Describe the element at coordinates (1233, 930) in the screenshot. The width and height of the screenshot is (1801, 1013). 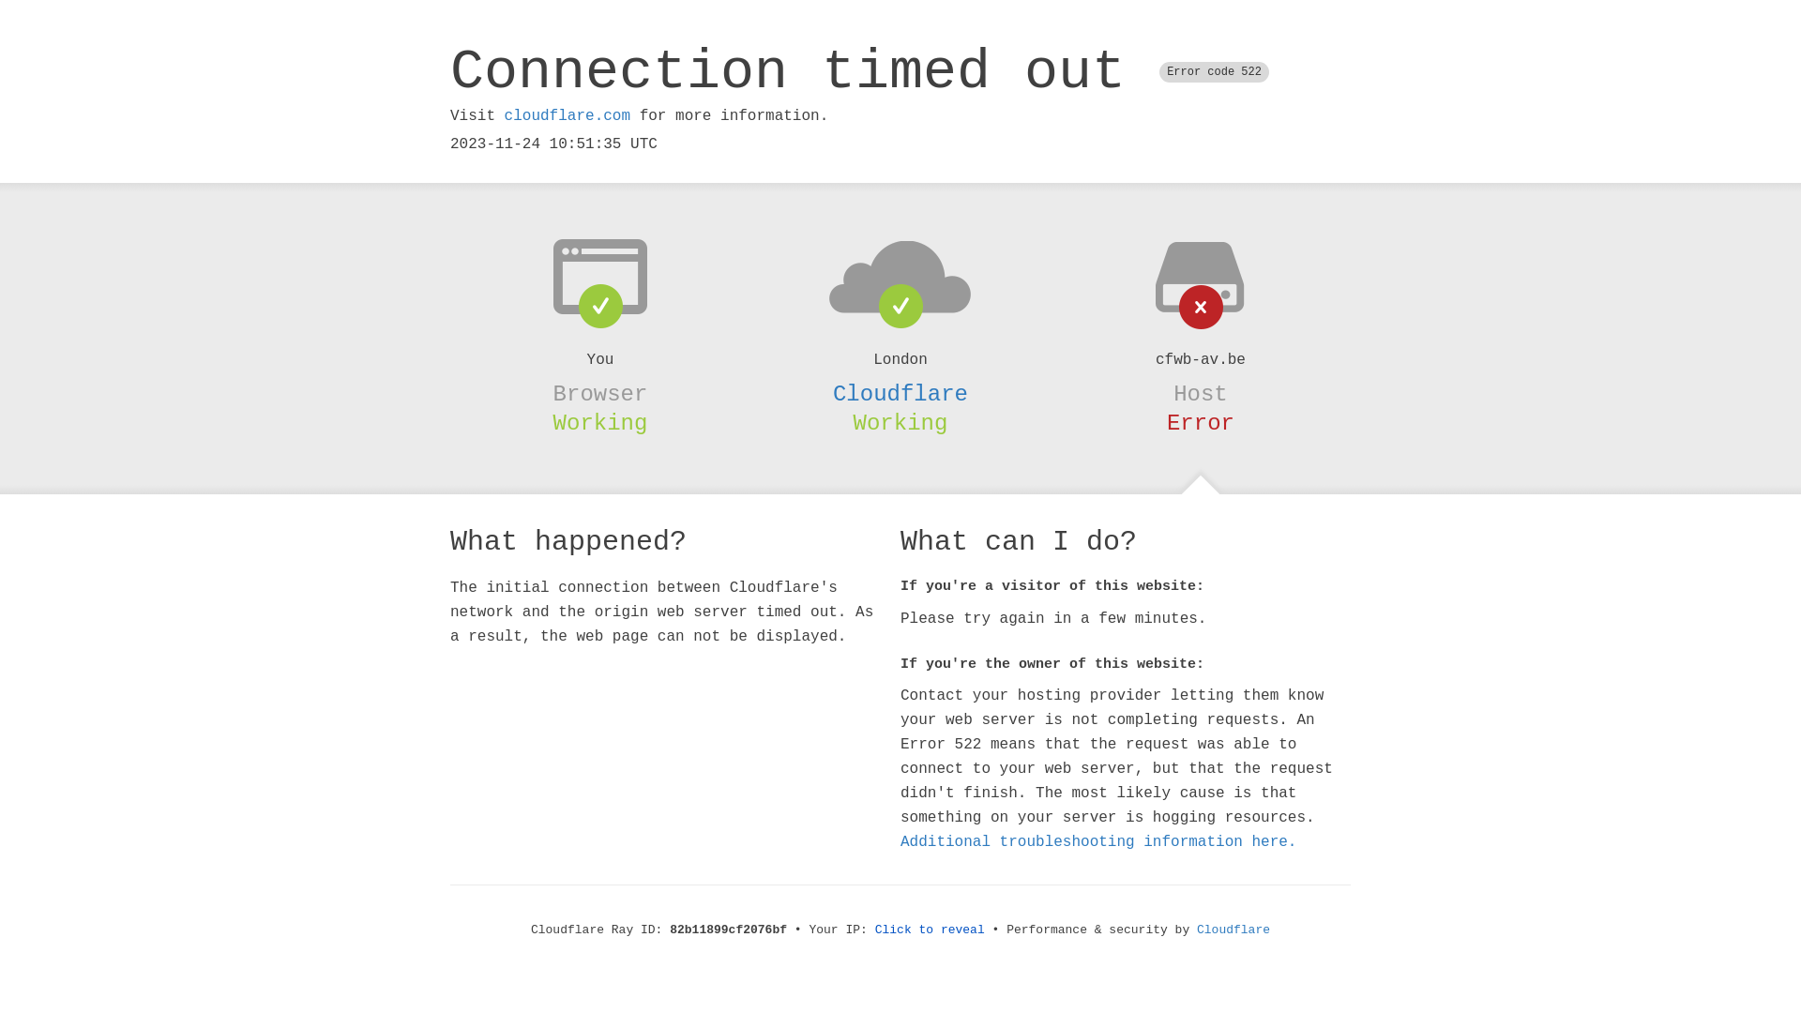
I see `'Cloudflare'` at that location.